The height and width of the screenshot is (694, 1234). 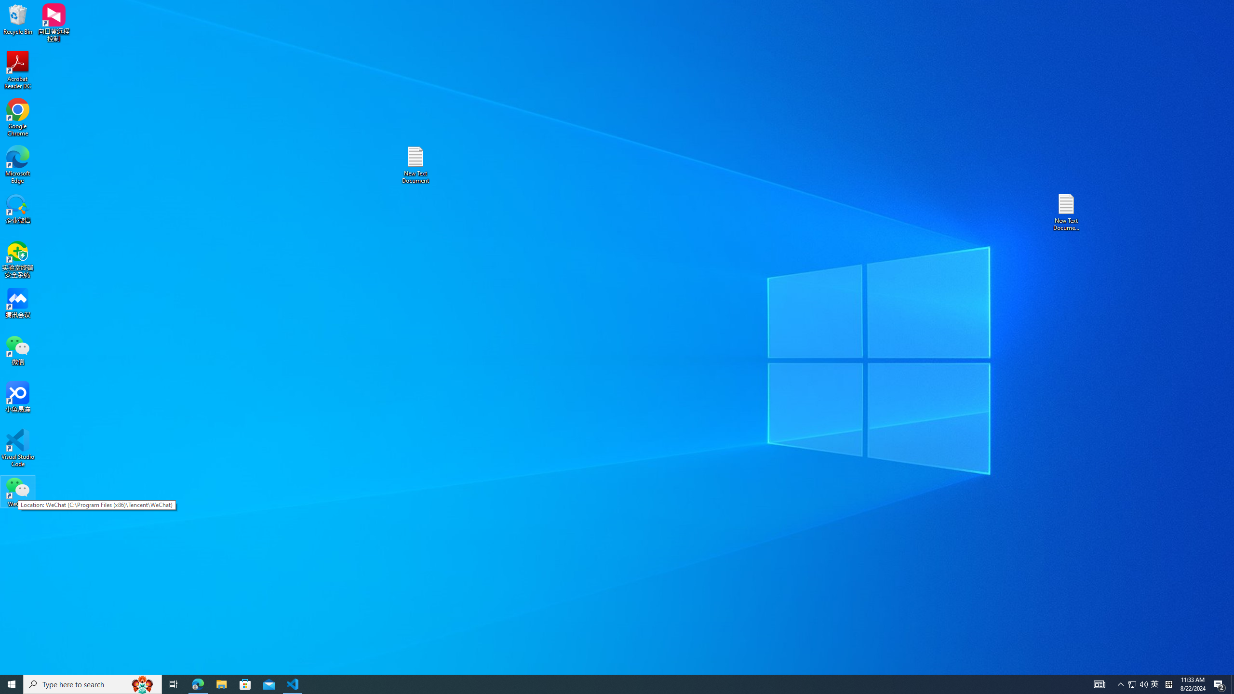 What do you see at coordinates (1168, 683) in the screenshot?
I see `'Tray Input Indicator - Chinese (Simplified, China)'` at bounding box center [1168, 683].